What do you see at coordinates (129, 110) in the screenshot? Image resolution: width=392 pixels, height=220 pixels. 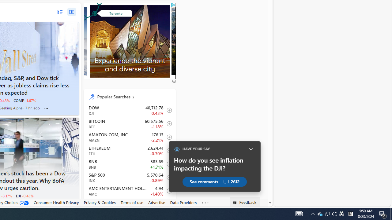 I see `'DJI DOW decrease 40,712.78 -177.71 -0.43% itemundefined'` at bounding box center [129, 110].